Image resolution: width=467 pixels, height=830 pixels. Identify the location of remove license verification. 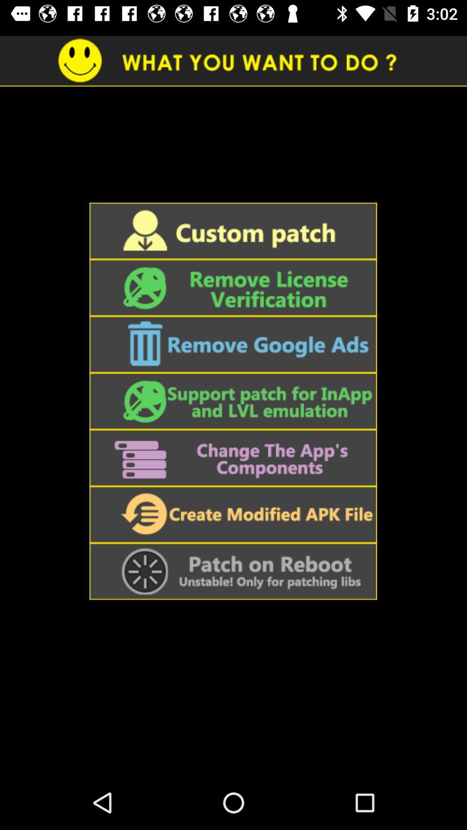
(233, 287).